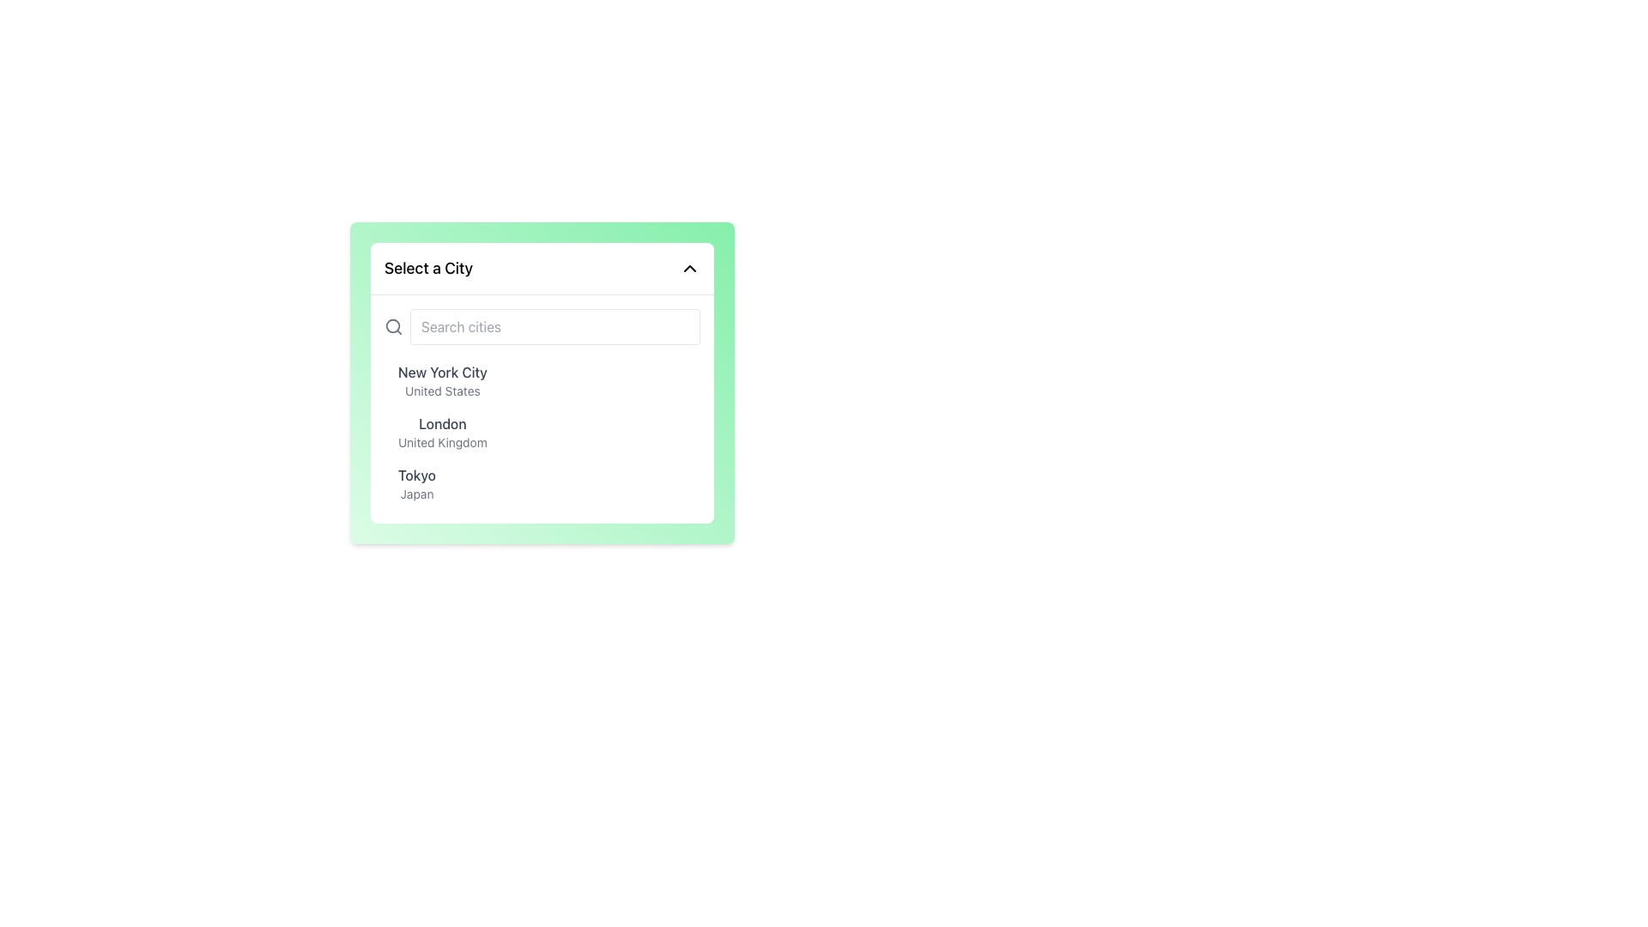  What do you see at coordinates (442, 442) in the screenshot?
I see `the Text Label displaying 'United Kingdom', which is styled in gray and positioned below 'London' in the list of cities` at bounding box center [442, 442].